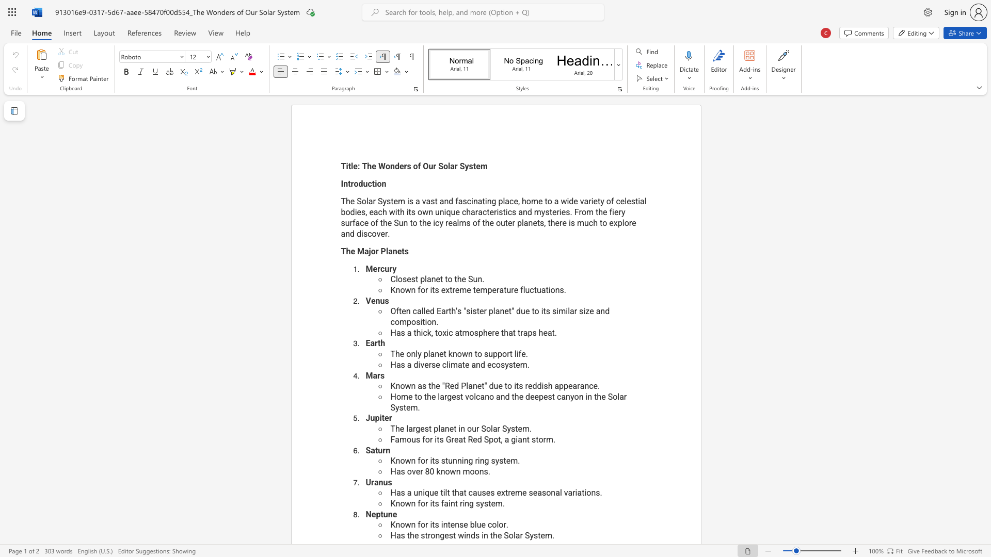 The height and width of the screenshot is (557, 991). I want to click on the 1th character "a" in the text, so click(501, 290).